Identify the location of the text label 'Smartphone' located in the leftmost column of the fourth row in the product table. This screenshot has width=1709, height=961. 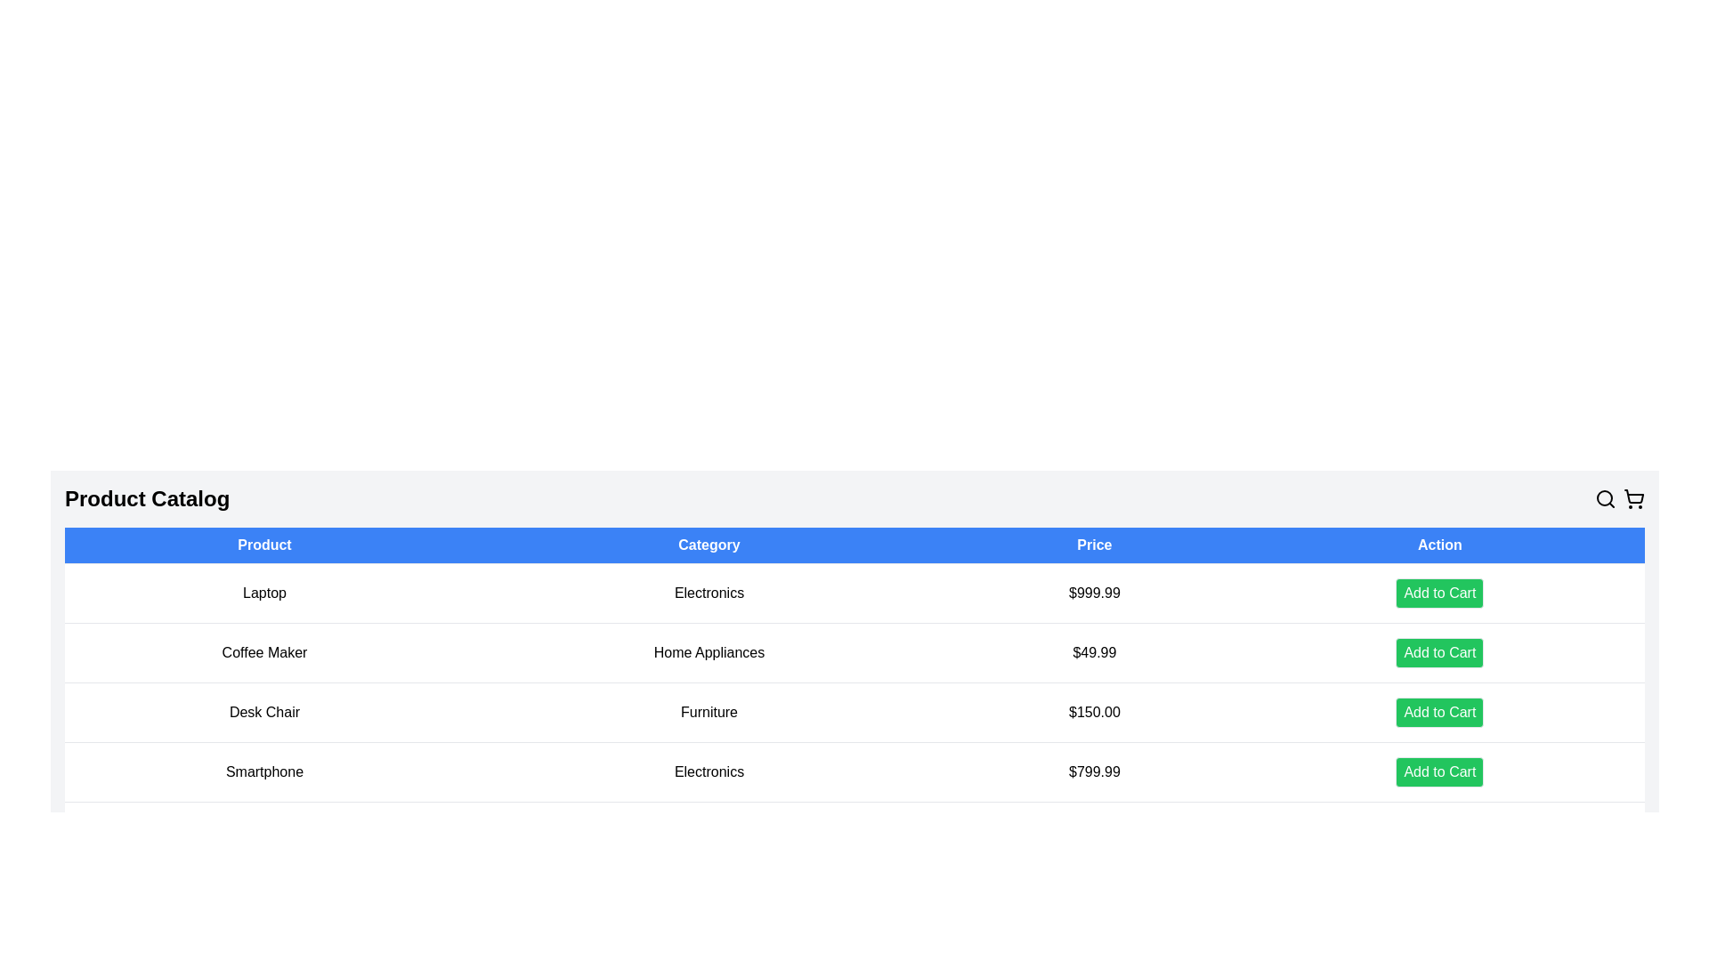
(263, 771).